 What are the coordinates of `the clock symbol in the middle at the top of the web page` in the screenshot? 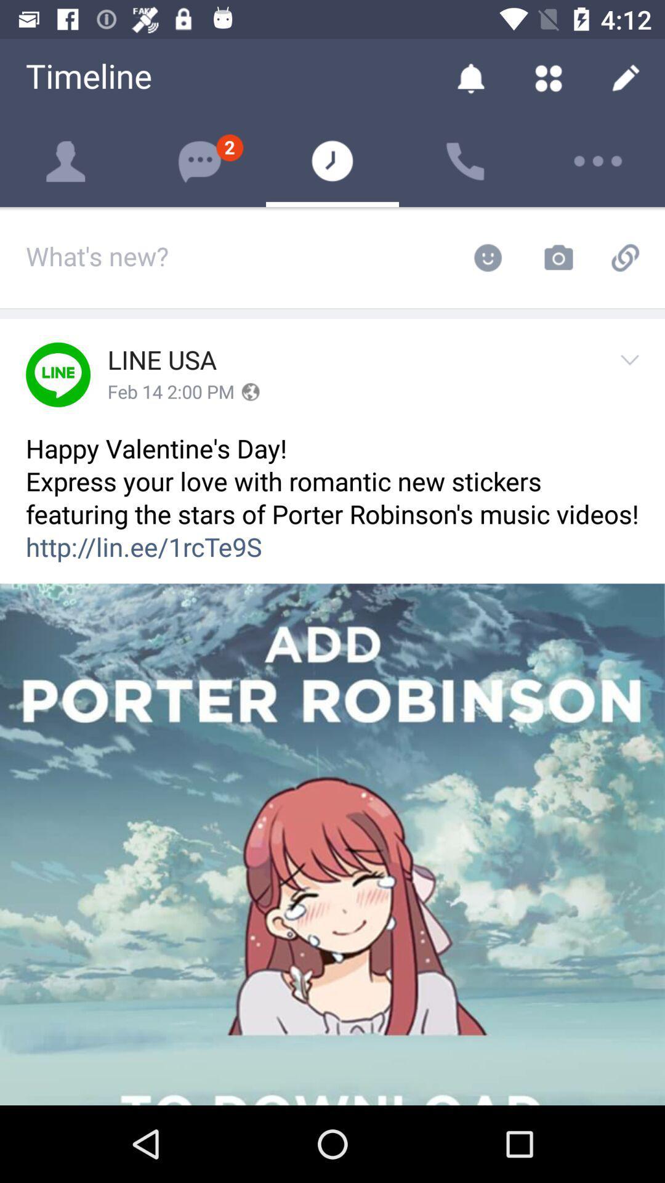 It's located at (332, 161).